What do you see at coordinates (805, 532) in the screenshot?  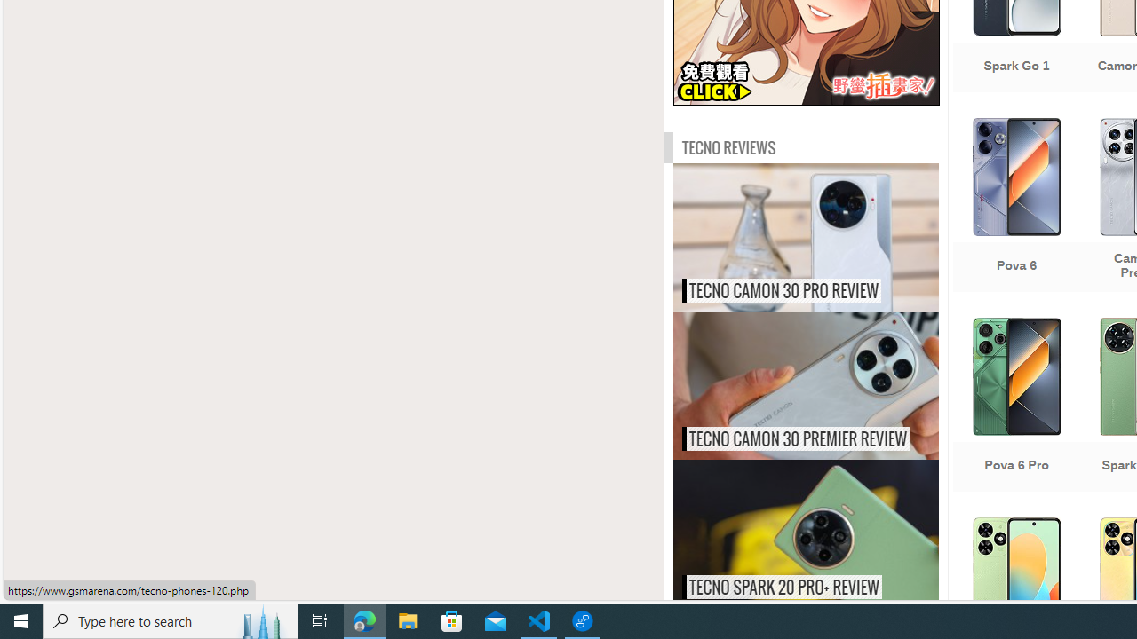 I see `'Tecno Spark 20 Pro+ review TECNO SPARK 20 PRO+ REVIEW'` at bounding box center [805, 532].